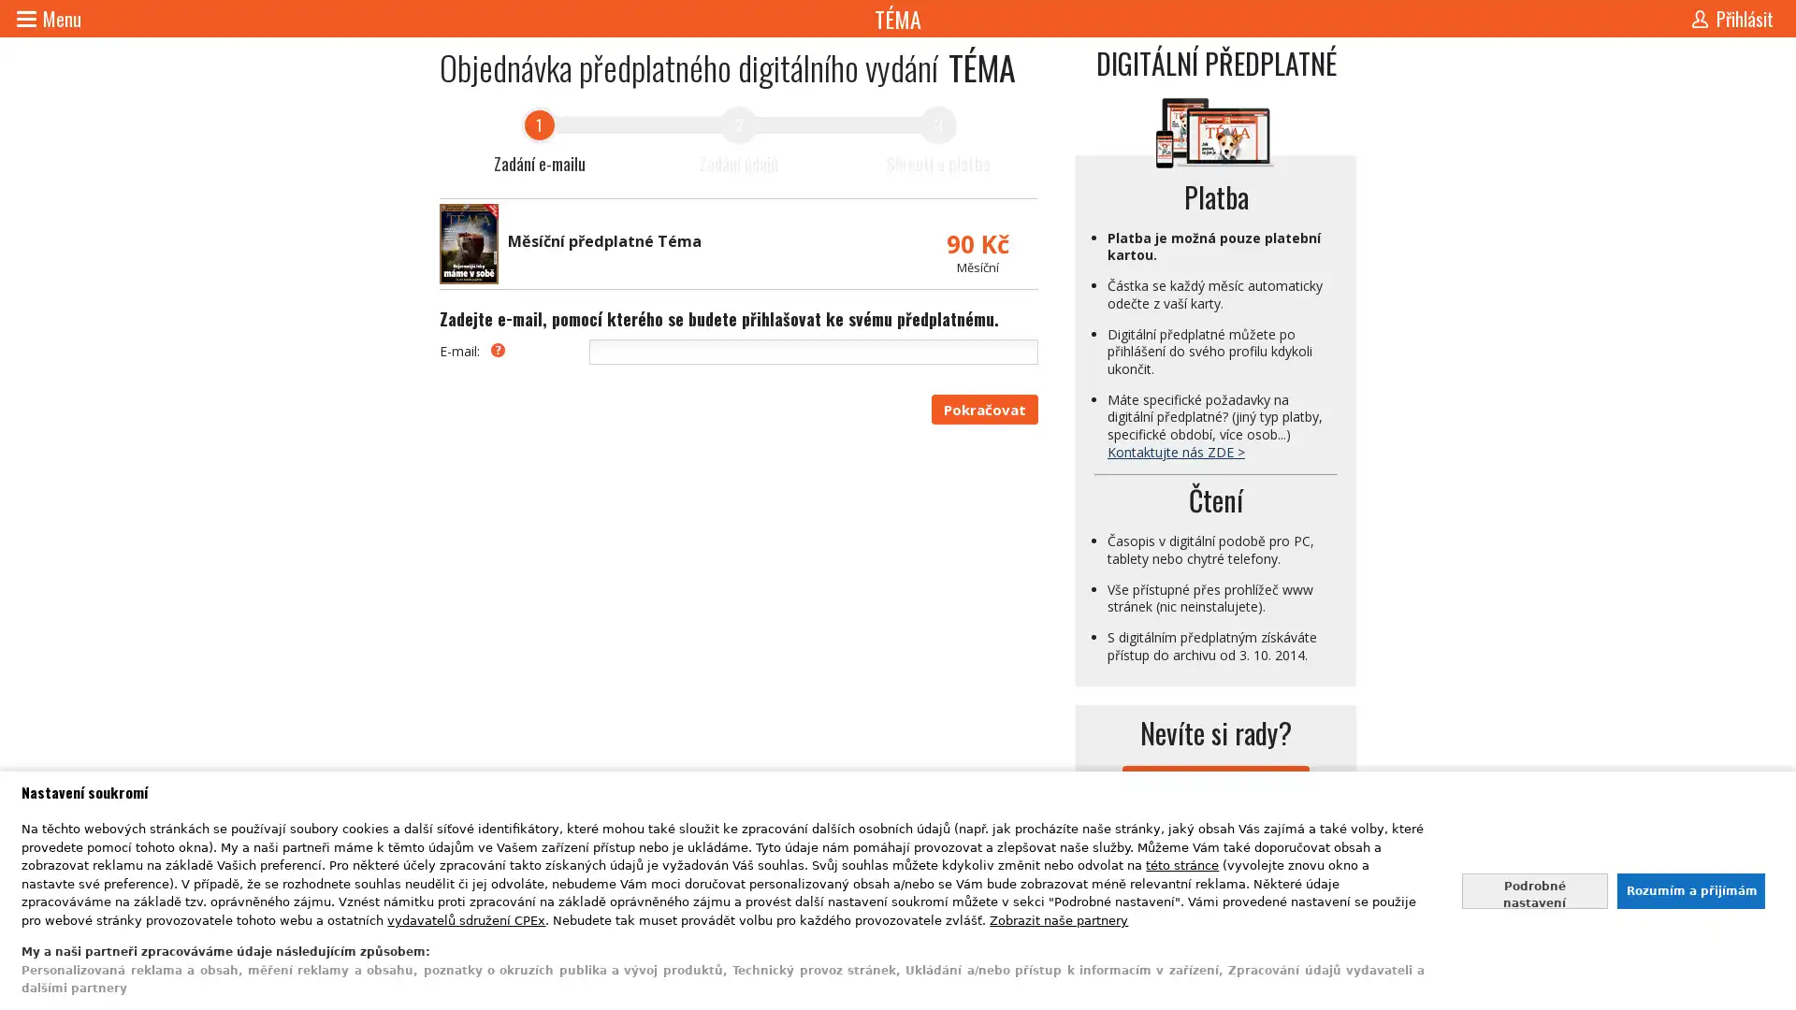  Describe the element at coordinates (983, 409) in the screenshot. I see `Pokracovat` at that location.